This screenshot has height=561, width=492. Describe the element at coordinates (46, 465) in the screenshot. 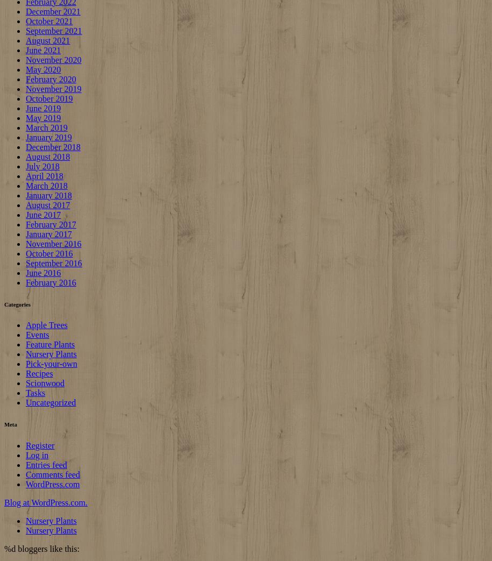

I see `'Entries feed'` at that location.